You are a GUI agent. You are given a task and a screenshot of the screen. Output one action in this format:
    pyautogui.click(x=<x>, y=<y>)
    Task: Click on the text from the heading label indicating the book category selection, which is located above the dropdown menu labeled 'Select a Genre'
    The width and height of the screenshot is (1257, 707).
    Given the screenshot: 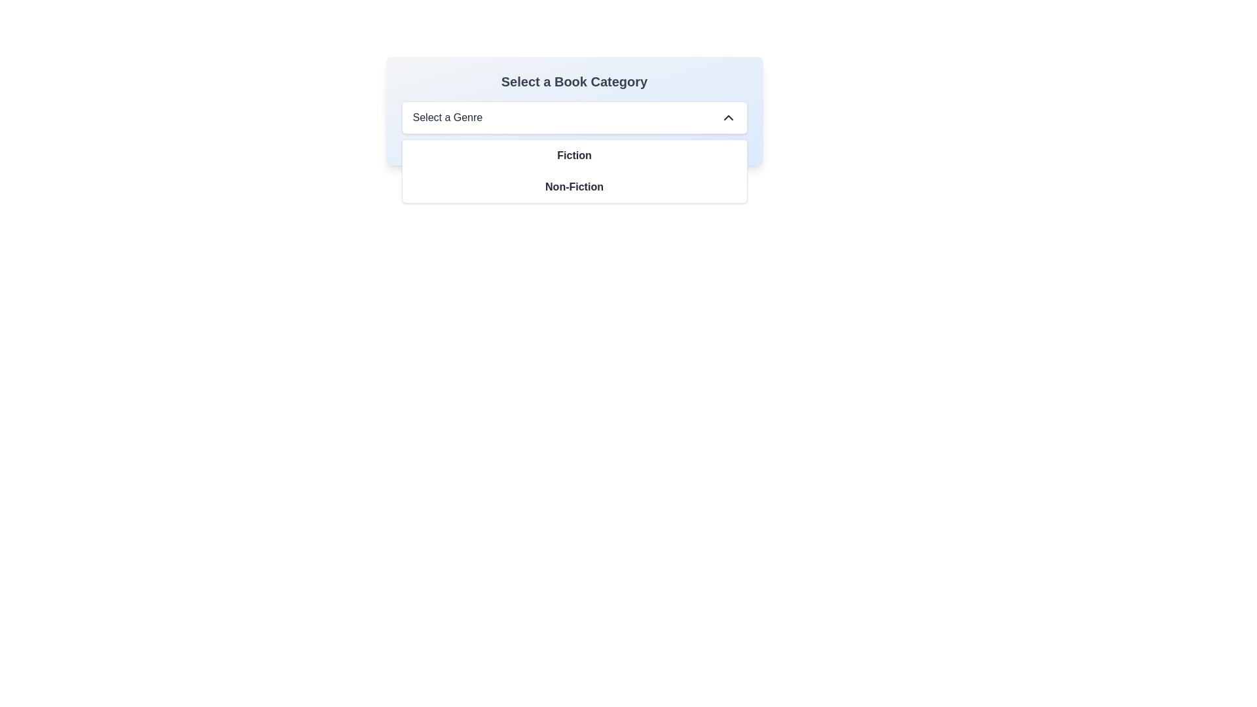 What is the action you would take?
    pyautogui.click(x=574, y=81)
    